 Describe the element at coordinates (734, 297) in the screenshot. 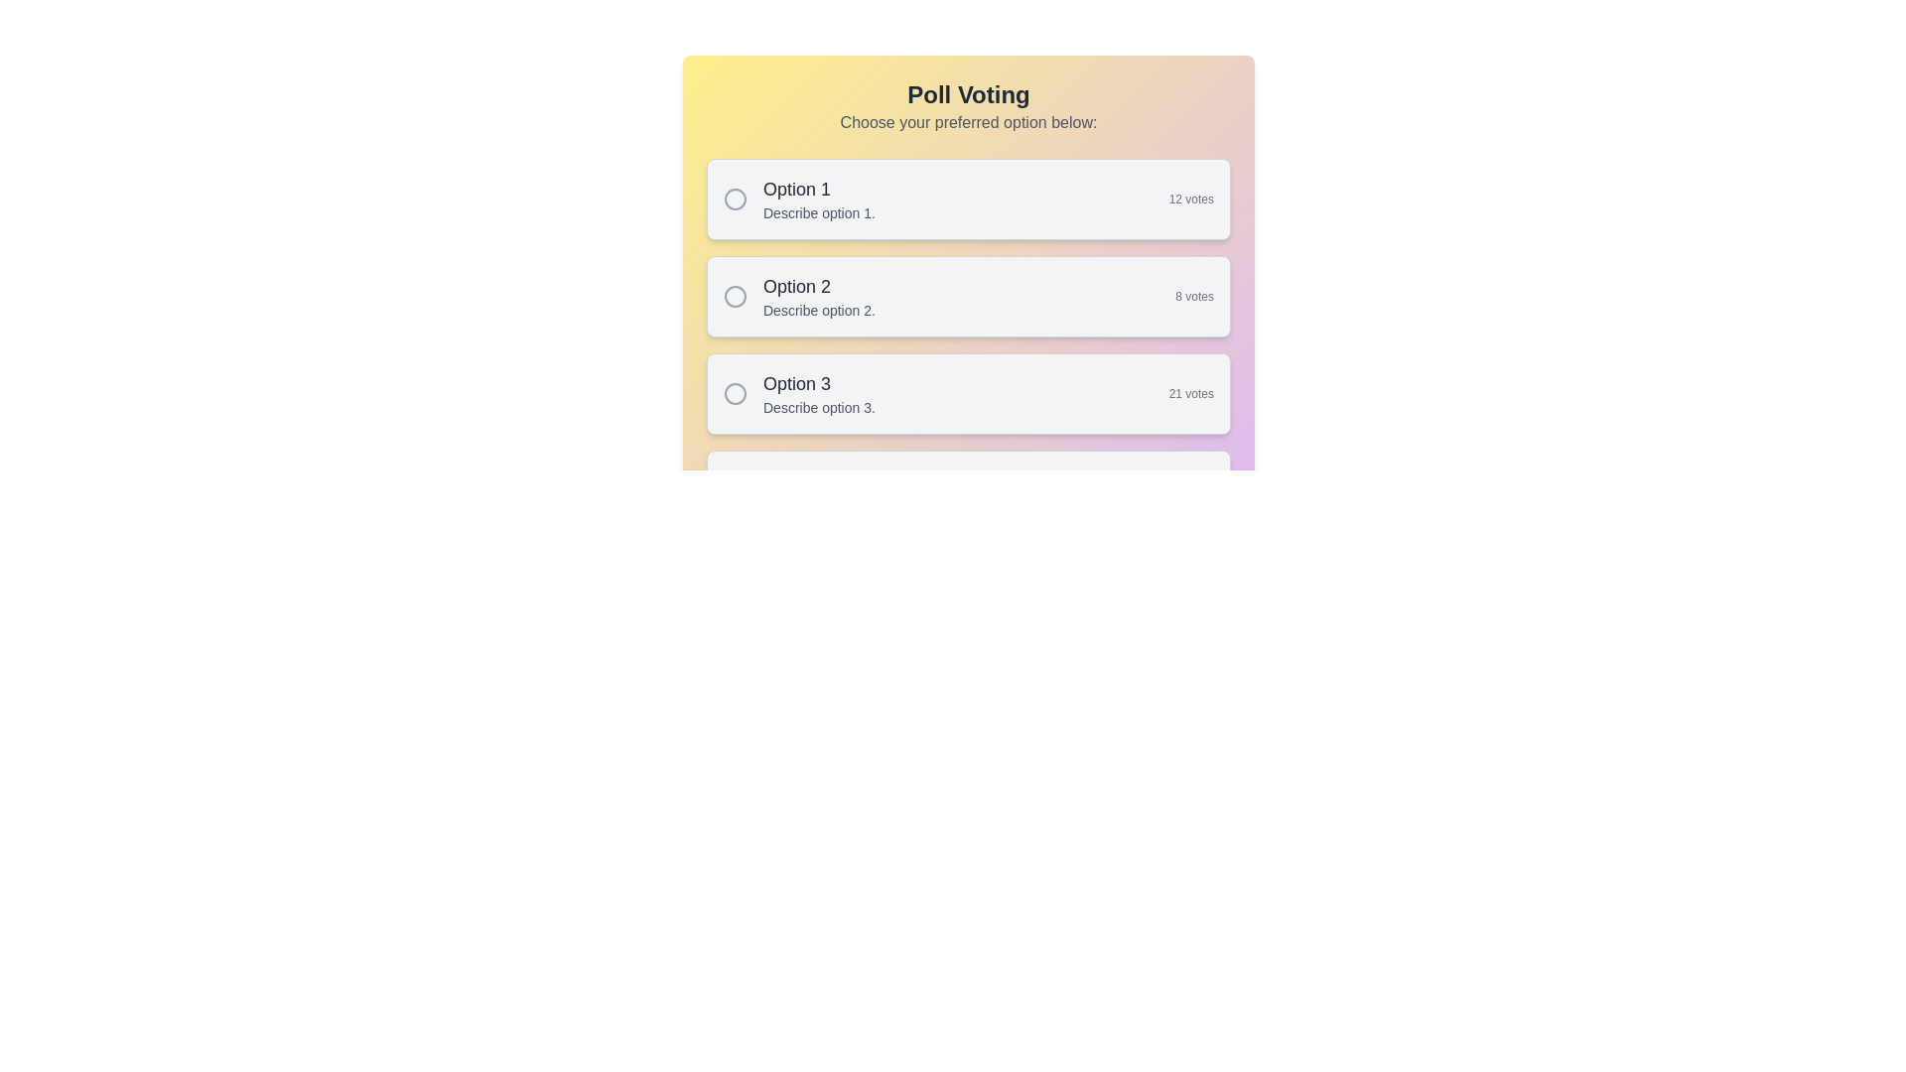

I see `the unselected radio button icon for 'Option 2' in the poll voting interface` at that location.